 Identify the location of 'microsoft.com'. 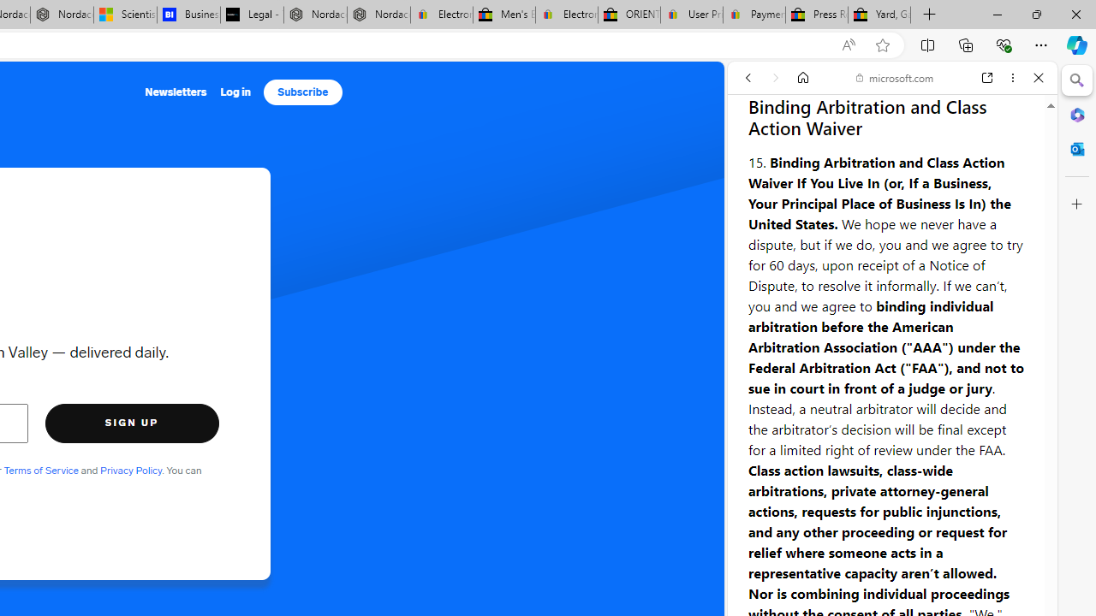
(894, 78).